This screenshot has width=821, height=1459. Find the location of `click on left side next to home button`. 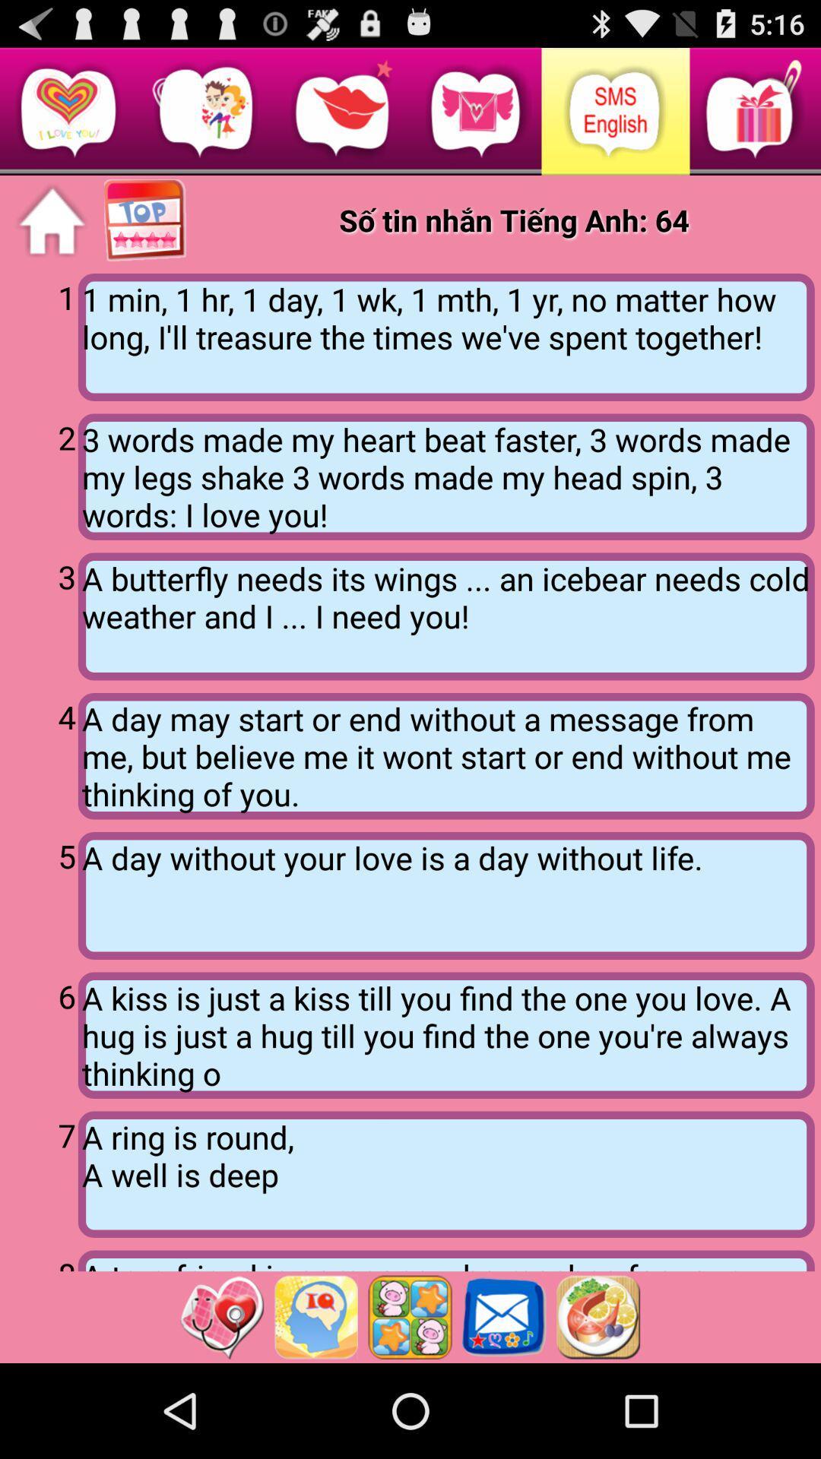

click on left side next to home button is located at coordinates (146, 220).